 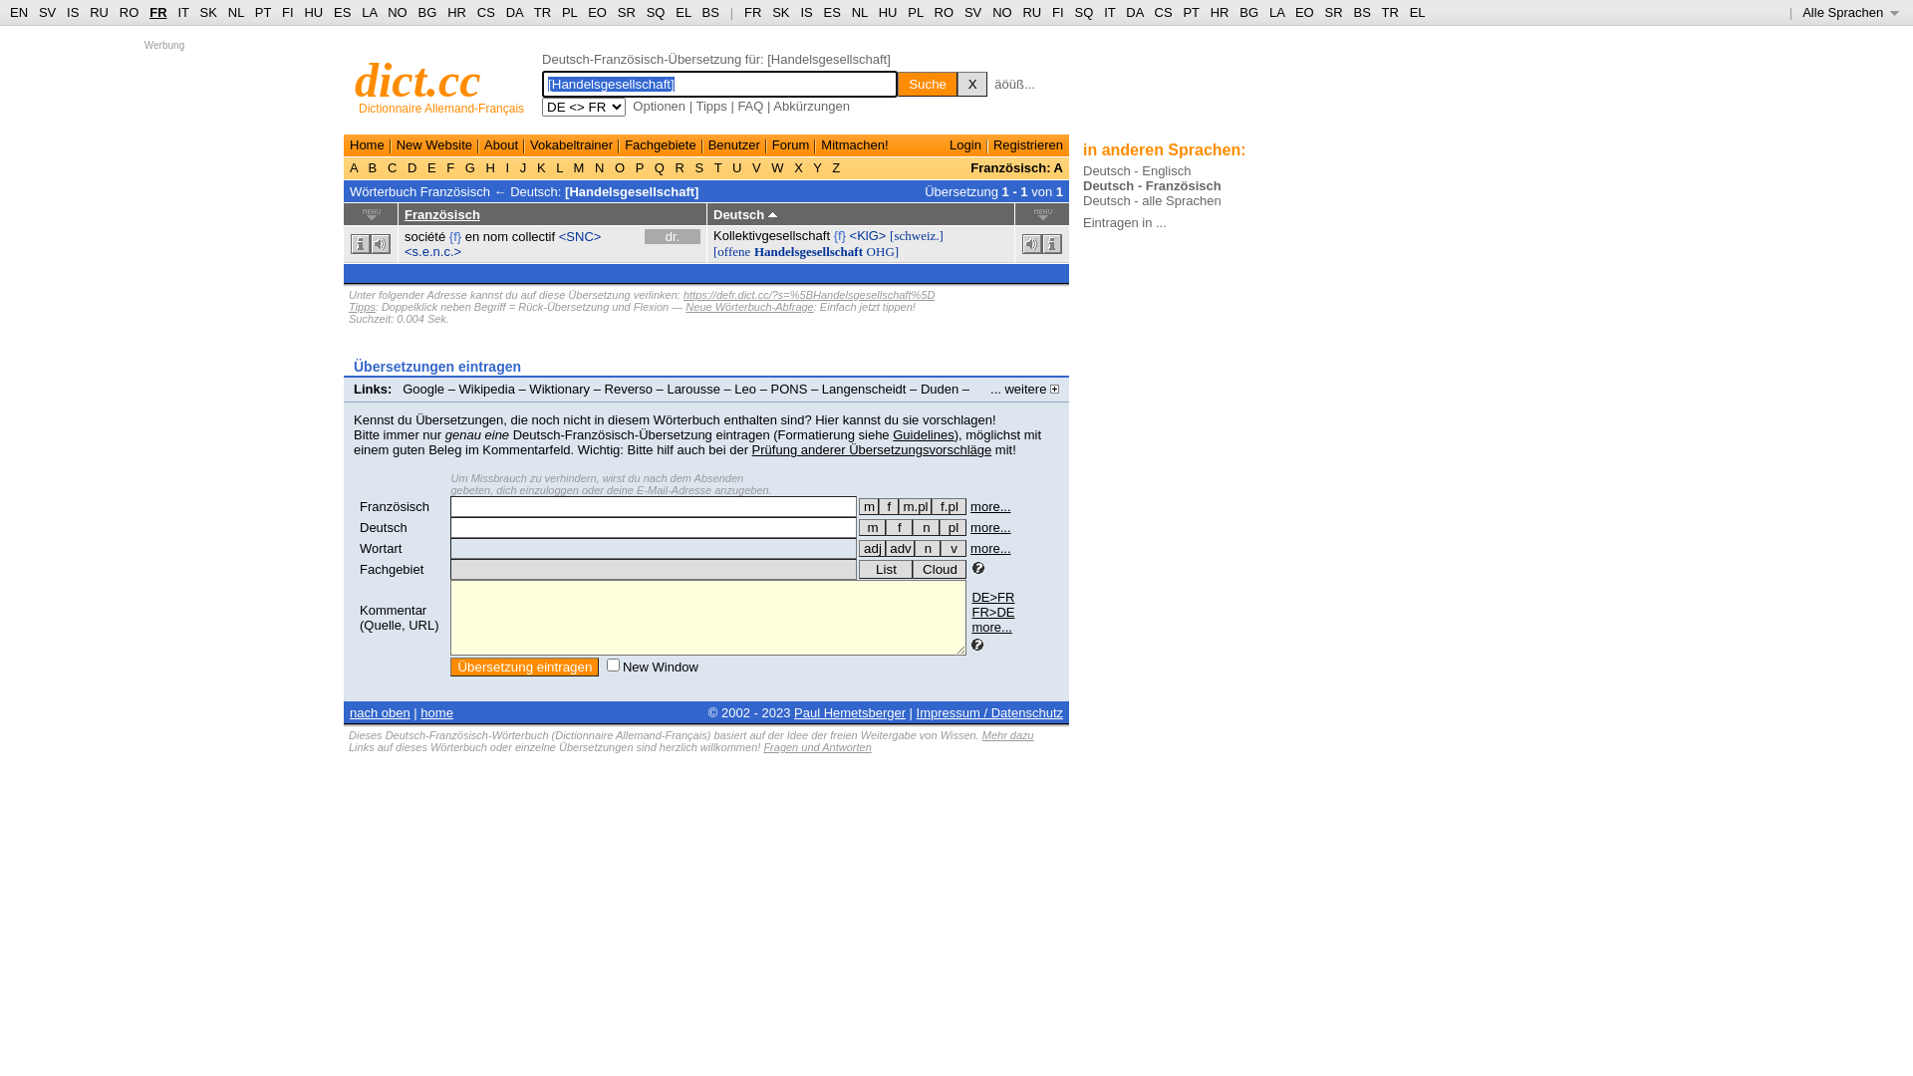 What do you see at coordinates (868, 234) in the screenshot?
I see `'<KlG>'` at bounding box center [868, 234].